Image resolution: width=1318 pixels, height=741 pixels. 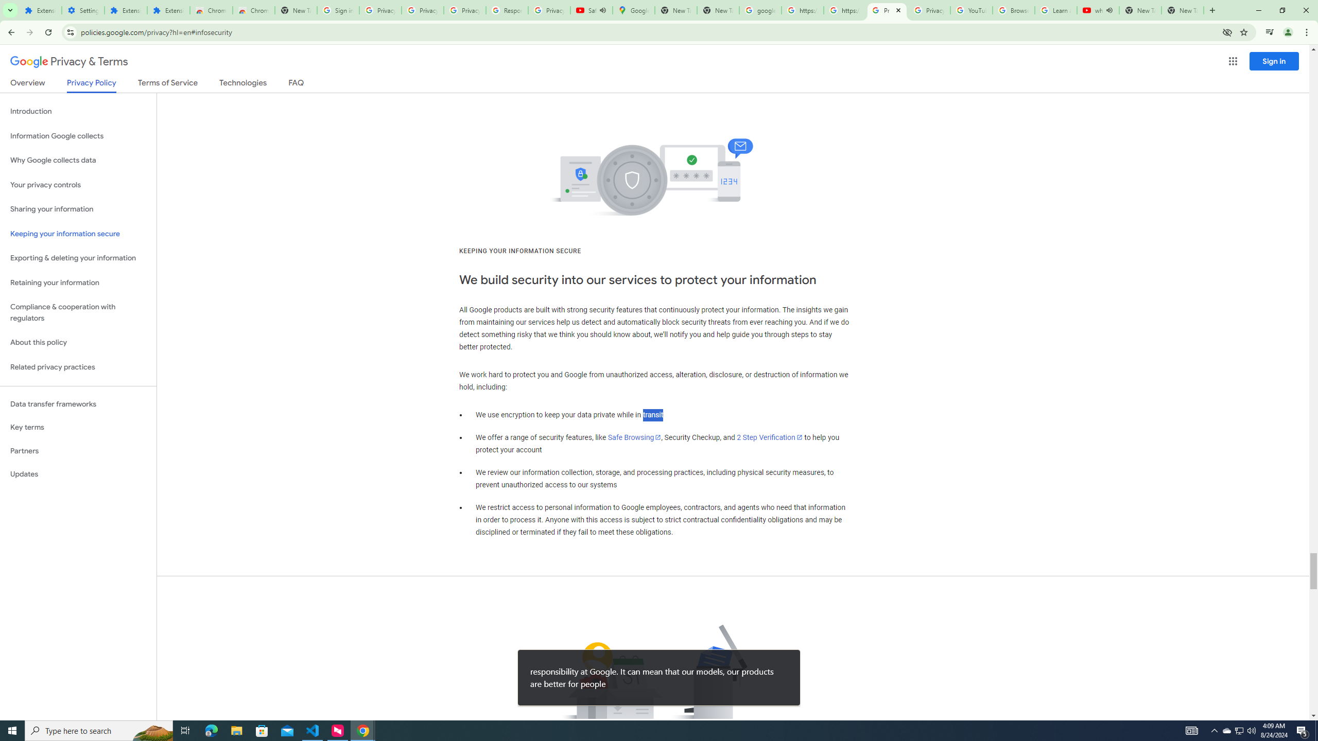 What do you see at coordinates (78, 136) in the screenshot?
I see `'Information Google collects'` at bounding box center [78, 136].